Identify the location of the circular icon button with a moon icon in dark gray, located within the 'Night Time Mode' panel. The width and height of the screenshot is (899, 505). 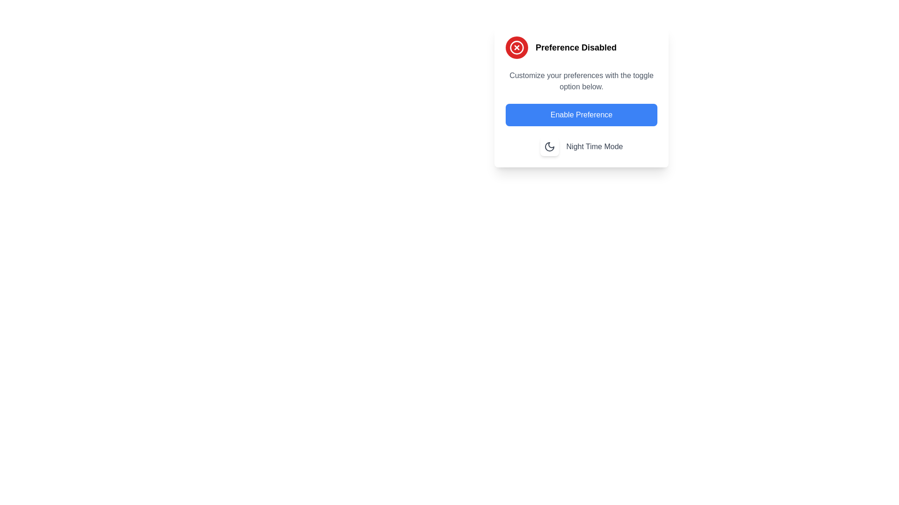
(549, 146).